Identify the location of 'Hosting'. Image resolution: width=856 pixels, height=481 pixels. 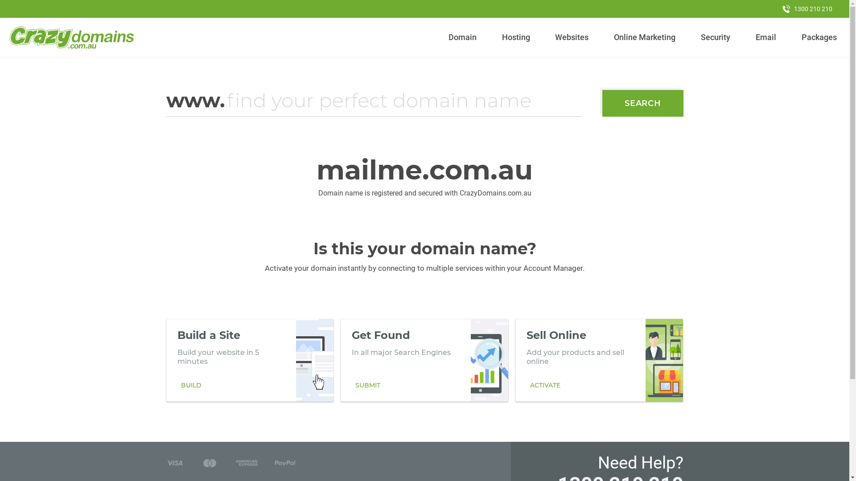
(515, 37).